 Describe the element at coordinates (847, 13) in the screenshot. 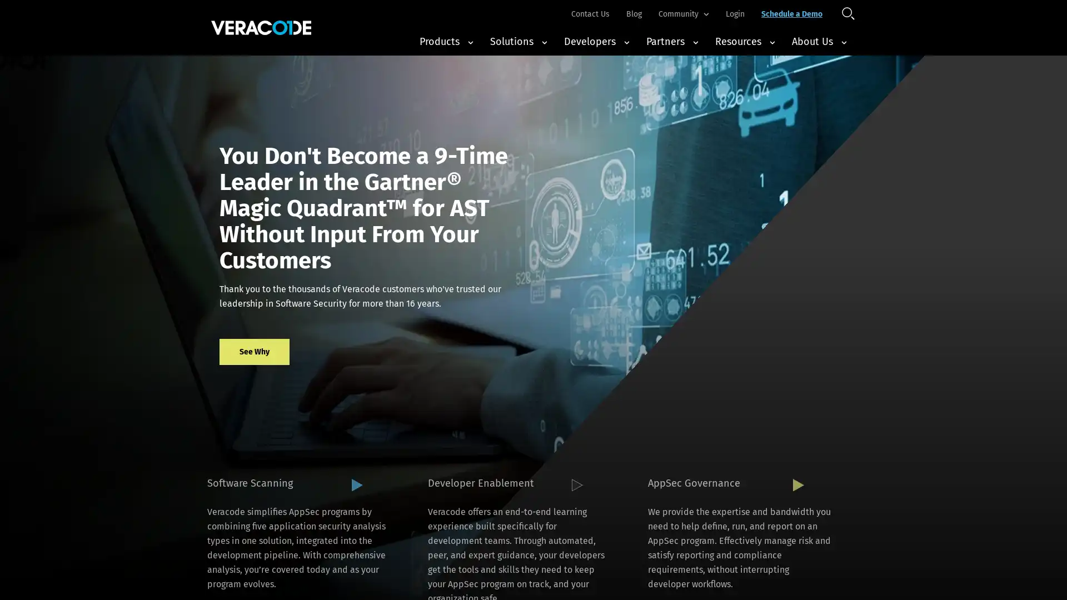

I see `Open Search` at that location.